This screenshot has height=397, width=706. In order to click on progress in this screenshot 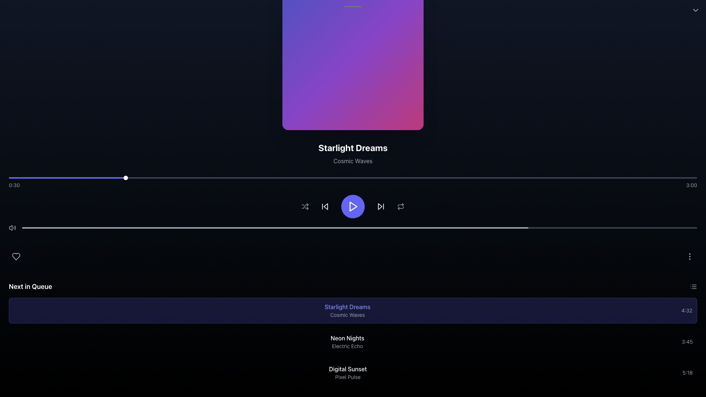, I will do `click(113, 178)`.